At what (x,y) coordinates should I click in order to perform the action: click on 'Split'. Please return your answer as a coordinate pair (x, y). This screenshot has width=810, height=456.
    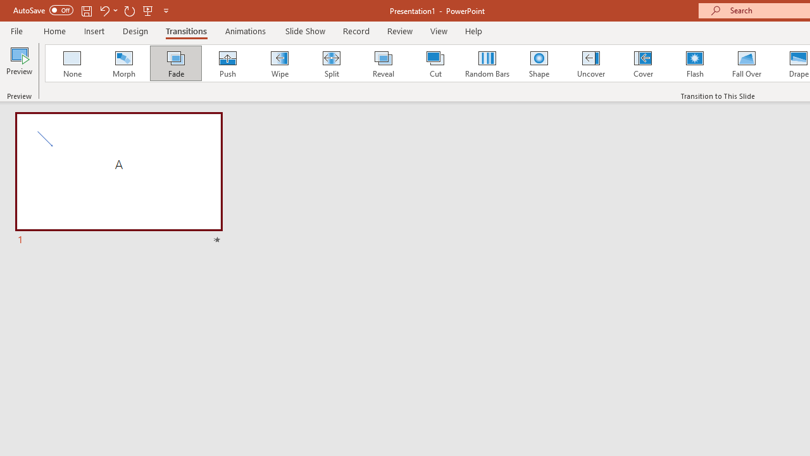
    Looking at the image, I should click on (331, 63).